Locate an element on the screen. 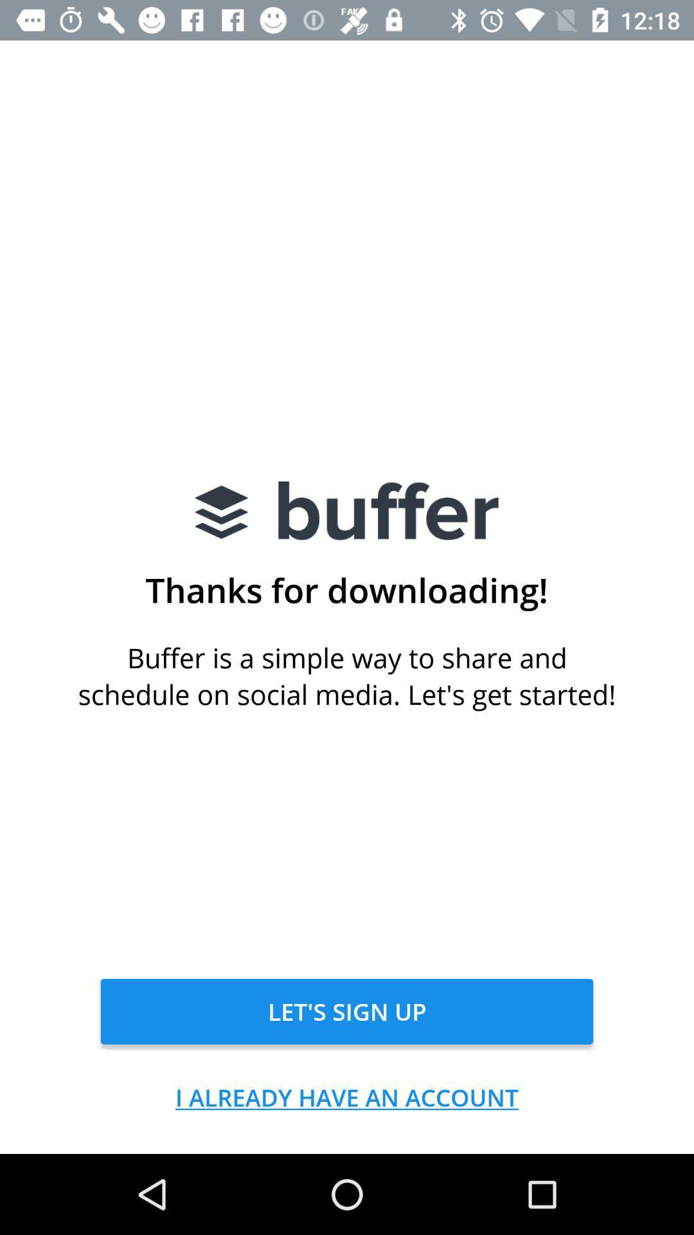  i already have is located at coordinates (347, 1097).